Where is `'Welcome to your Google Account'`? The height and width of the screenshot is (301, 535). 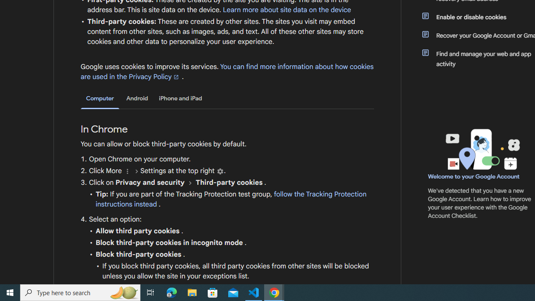 'Welcome to your Google Account' is located at coordinates (474, 176).